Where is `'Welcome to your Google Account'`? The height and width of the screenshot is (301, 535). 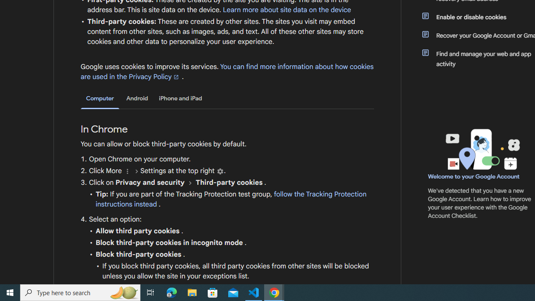 'Welcome to your Google Account' is located at coordinates (474, 176).